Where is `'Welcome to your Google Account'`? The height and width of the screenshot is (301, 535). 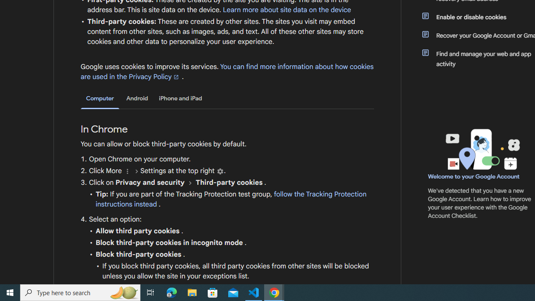 'Welcome to your Google Account' is located at coordinates (474, 176).